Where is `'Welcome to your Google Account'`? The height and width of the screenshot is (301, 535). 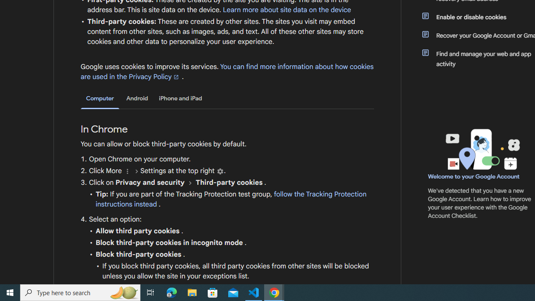 'Welcome to your Google Account' is located at coordinates (474, 176).